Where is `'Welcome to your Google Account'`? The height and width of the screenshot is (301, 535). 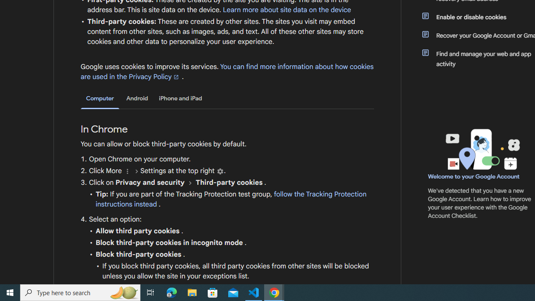 'Welcome to your Google Account' is located at coordinates (474, 176).